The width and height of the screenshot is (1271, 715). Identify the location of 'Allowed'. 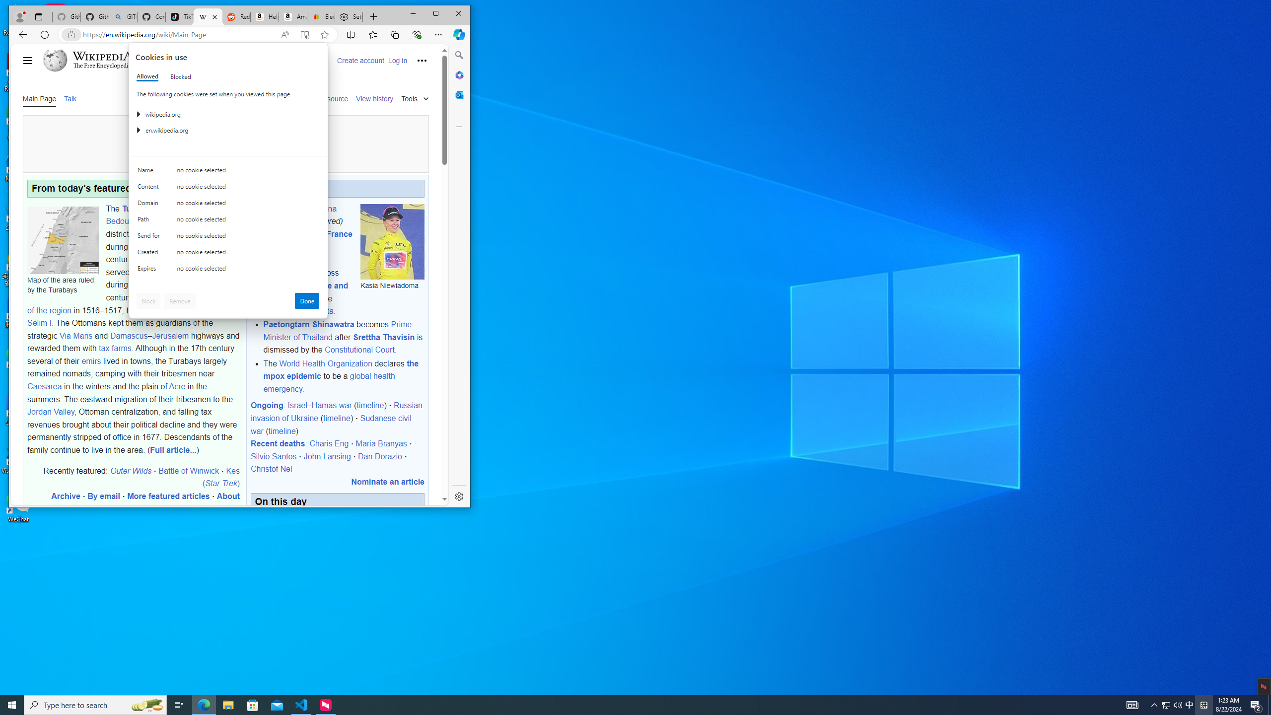
(147, 76).